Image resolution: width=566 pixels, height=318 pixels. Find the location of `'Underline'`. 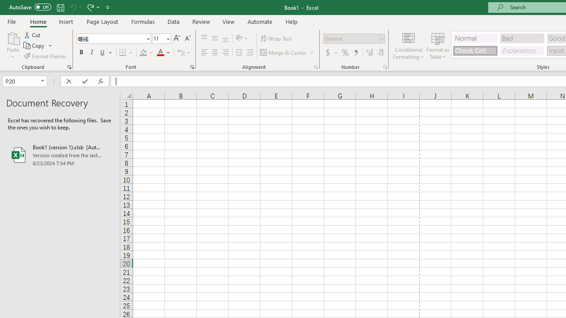

'Underline' is located at coordinates (103, 53).